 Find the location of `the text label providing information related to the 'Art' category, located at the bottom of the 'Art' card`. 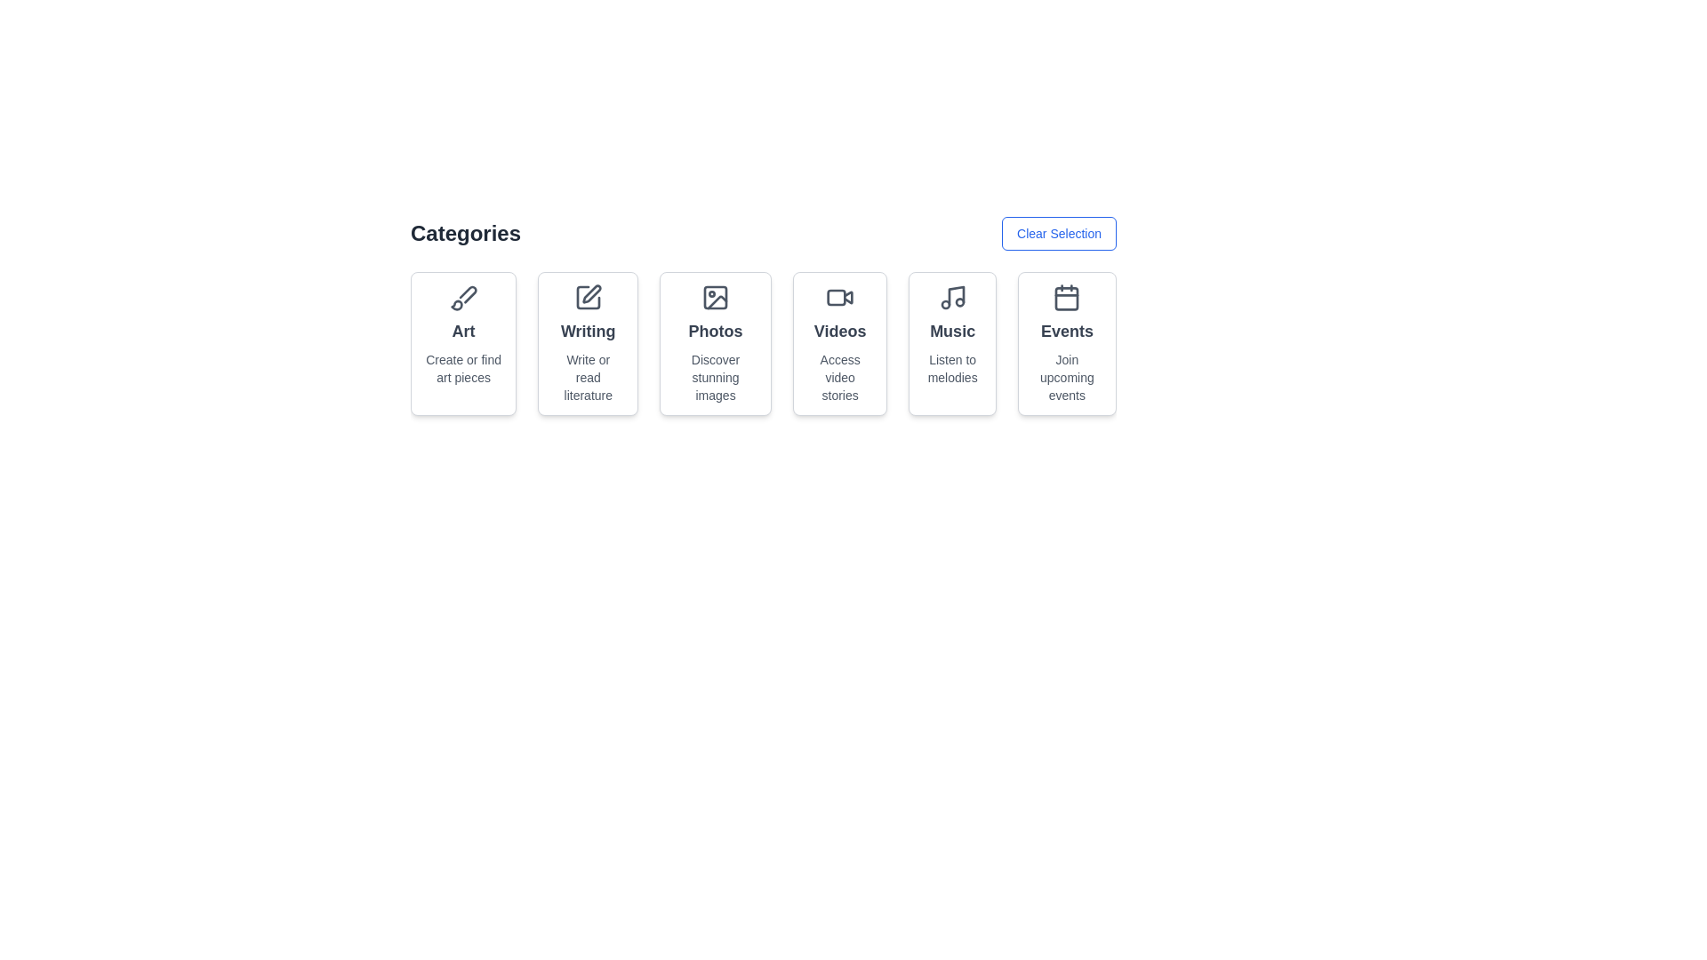

the text label providing information related to the 'Art' category, located at the bottom of the 'Art' card is located at coordinates (463, 368).